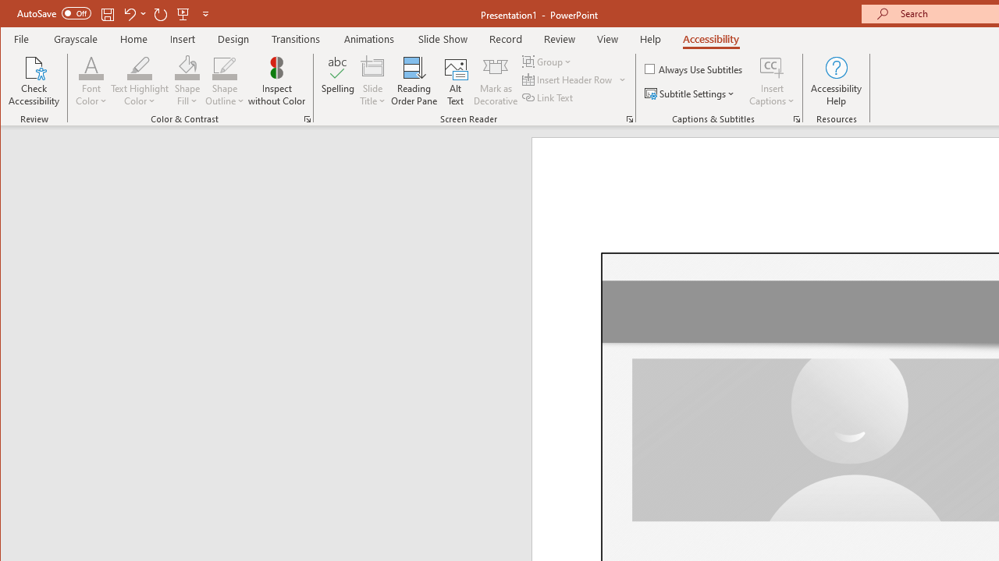 The image size is (999, 561). What do you see at coordinates (75, 38) in the screenshot?
I see `'Grayscale'` at bounding box center [75, 38].